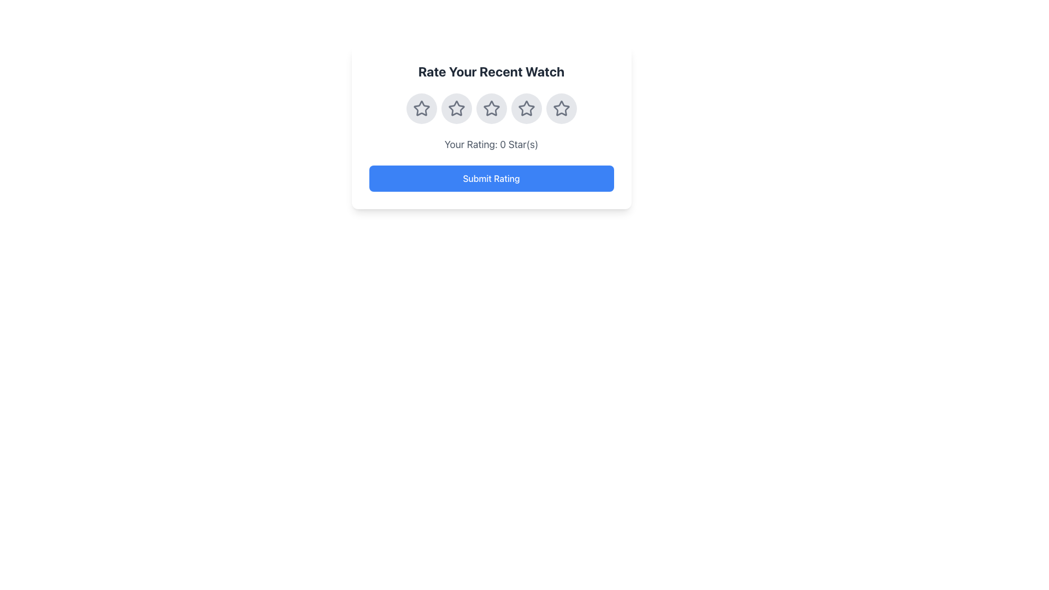 The image size is (1049, 590). I want to click on the second star button in the 5-star rating system for keyboard interaction, so click(456, 109).